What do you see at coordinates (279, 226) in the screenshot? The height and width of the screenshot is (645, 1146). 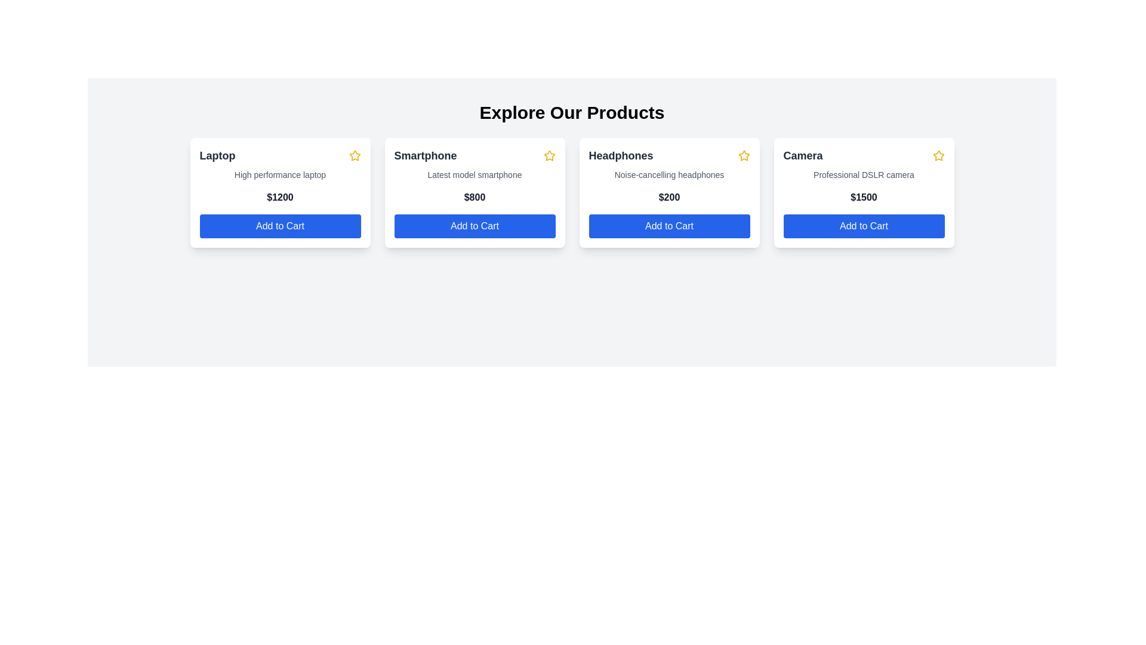 I see `the 'Add to Cart' button located at the bottom of the 'Laptop' product card, which is the first card in the row` at bounding box center [279, 226].